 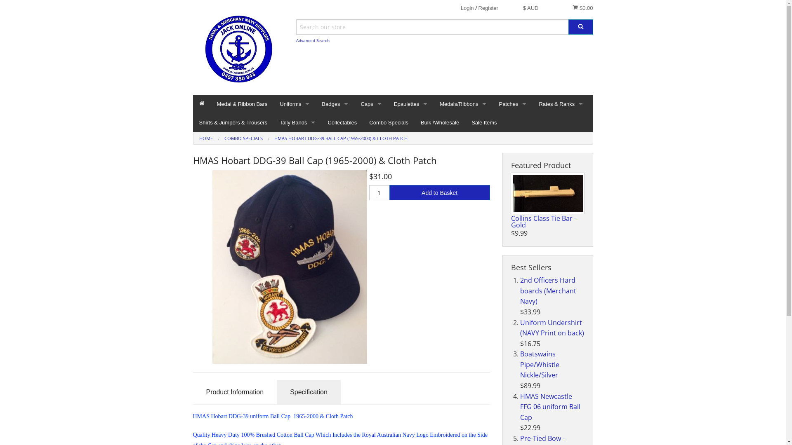 I want to click on 'Buttons', so click(x=295, y=188).